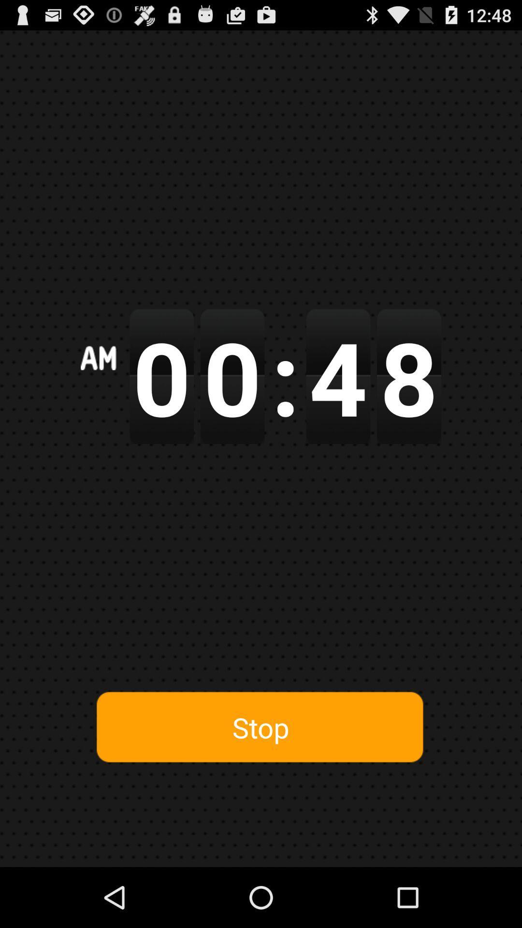  Describe the element at coordinates (260, 727) in the screenshot. I see `button at the bottom` at that location.